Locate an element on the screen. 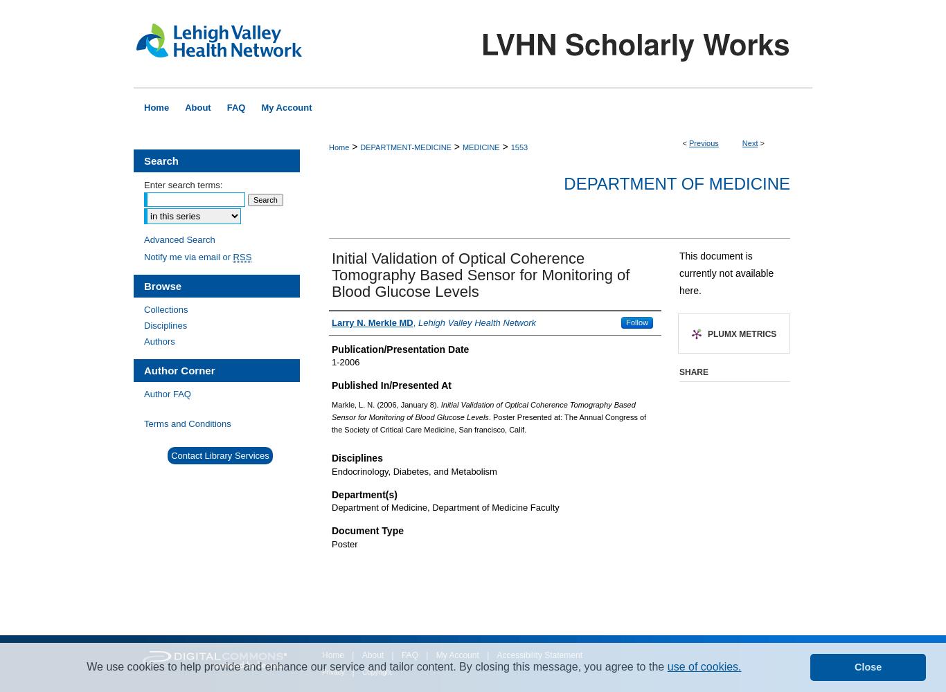 This screenshot has height=692, width=946. 'Follow' is located at coordinates (637, 321).